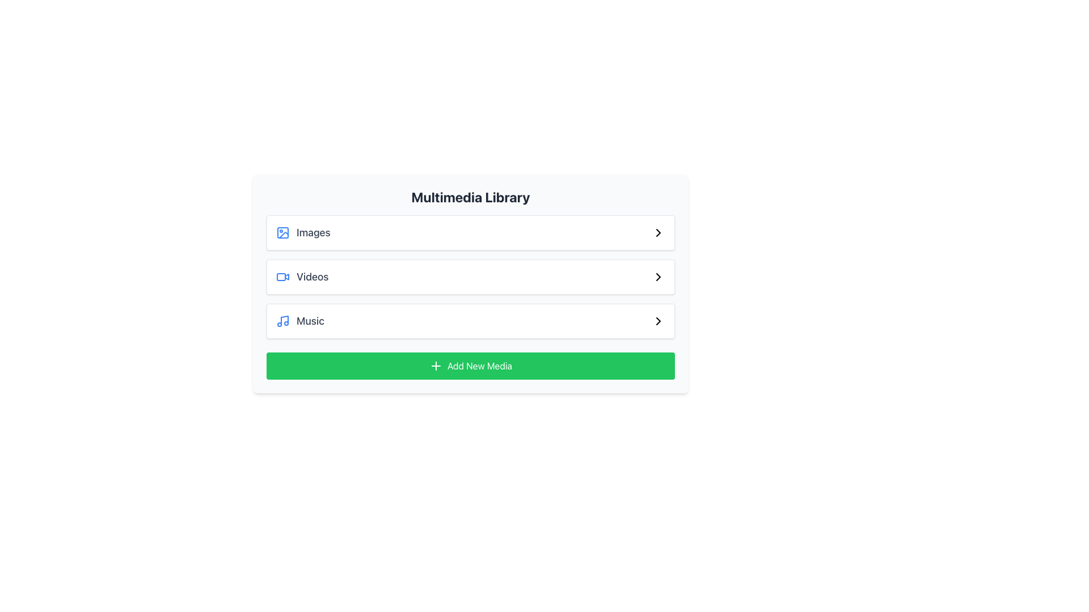 Image resolution: width=1089 pixels, height=612 pixels. I want to click on the rightward arrow chevron icon button located at the far right of the 'Images' option in the 'Multimedia Library' section, so click(659, 232).